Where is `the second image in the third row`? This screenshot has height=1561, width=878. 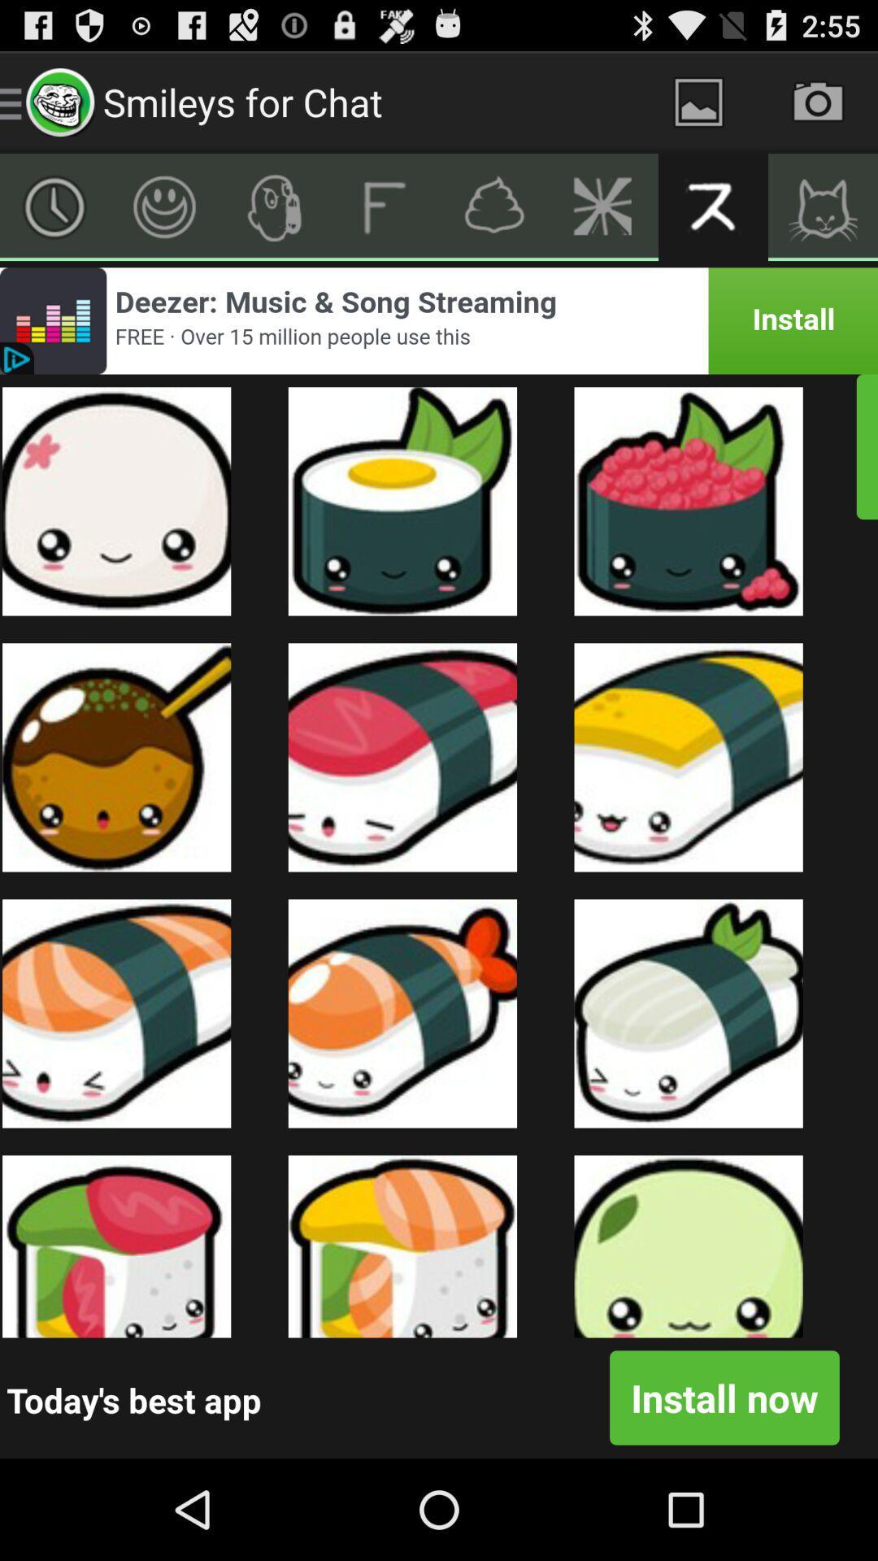 the second image in the third row is located at coordinates (402, 1013).